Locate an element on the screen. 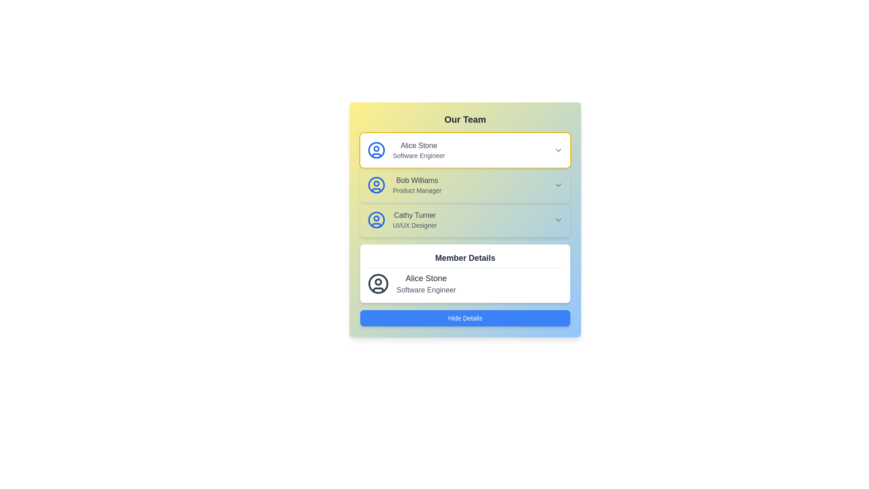 This screenshot has height=489, width=869. text displayed for the team member below the header 'Our Team', specifically the second item which contains their name and job title is located at coordinates (416, 184).